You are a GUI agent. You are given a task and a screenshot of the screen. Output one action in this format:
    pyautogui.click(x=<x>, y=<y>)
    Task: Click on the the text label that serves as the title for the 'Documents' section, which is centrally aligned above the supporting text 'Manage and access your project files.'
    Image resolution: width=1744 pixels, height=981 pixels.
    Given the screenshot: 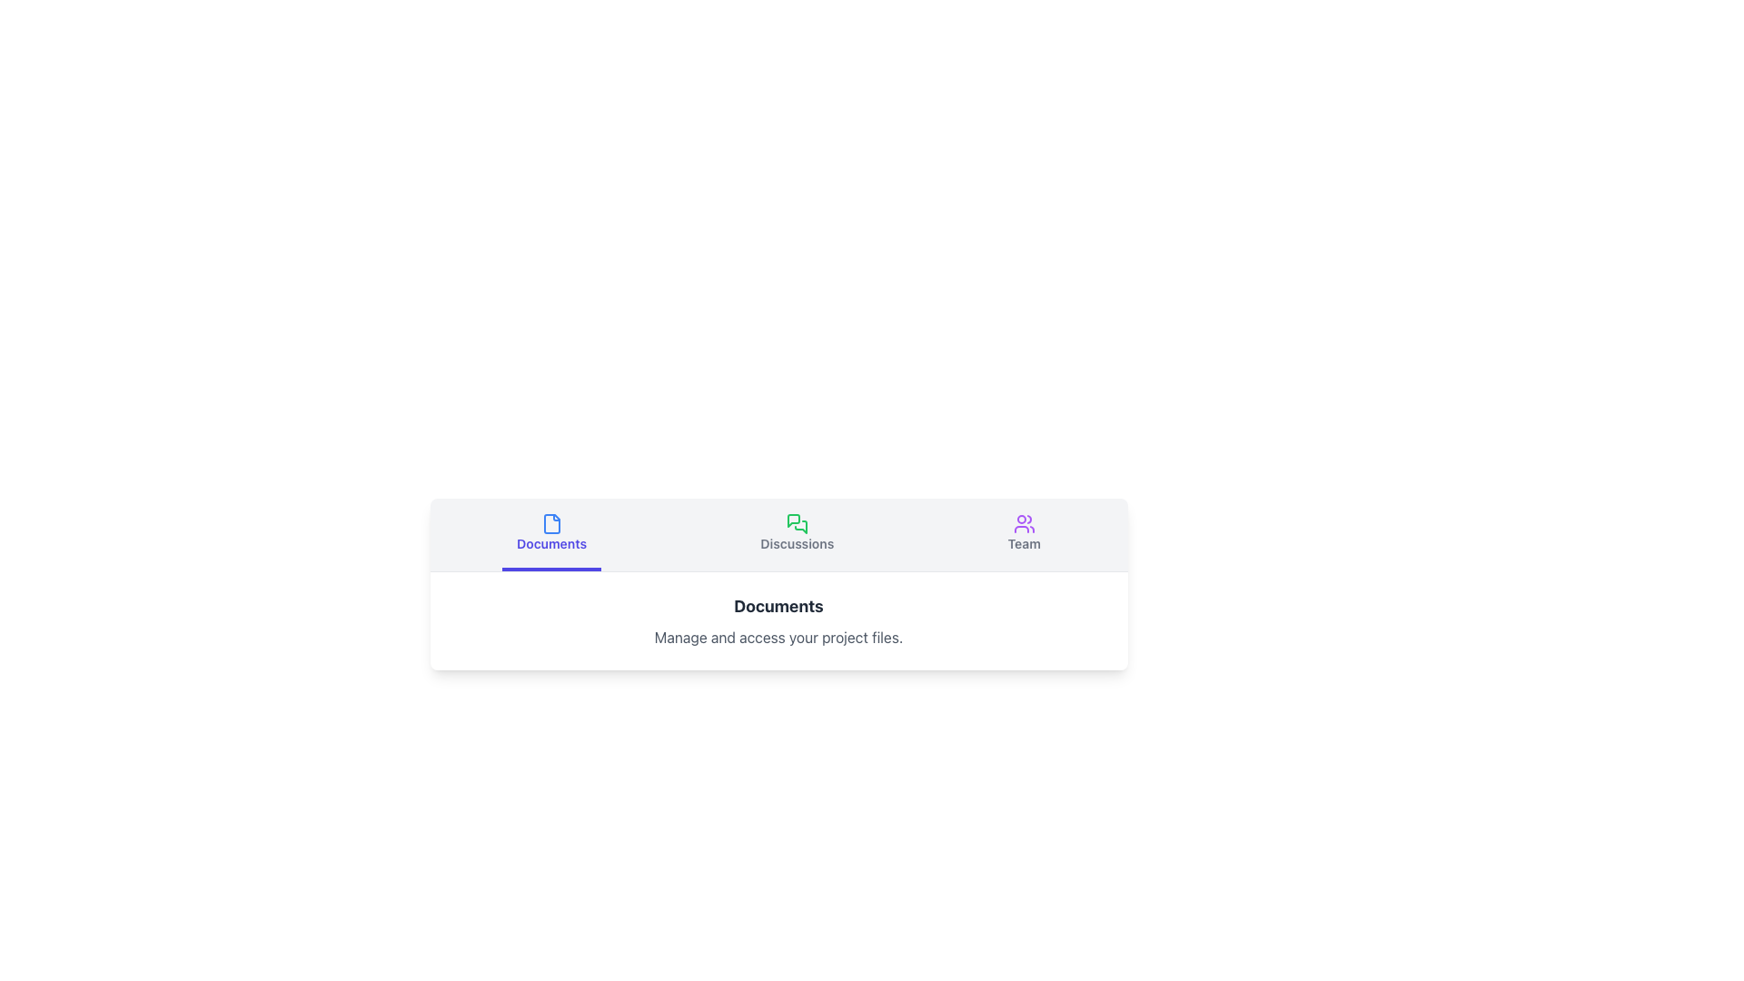 What is the action you would take?
    pyautogui.click(x=778, y=606)
    